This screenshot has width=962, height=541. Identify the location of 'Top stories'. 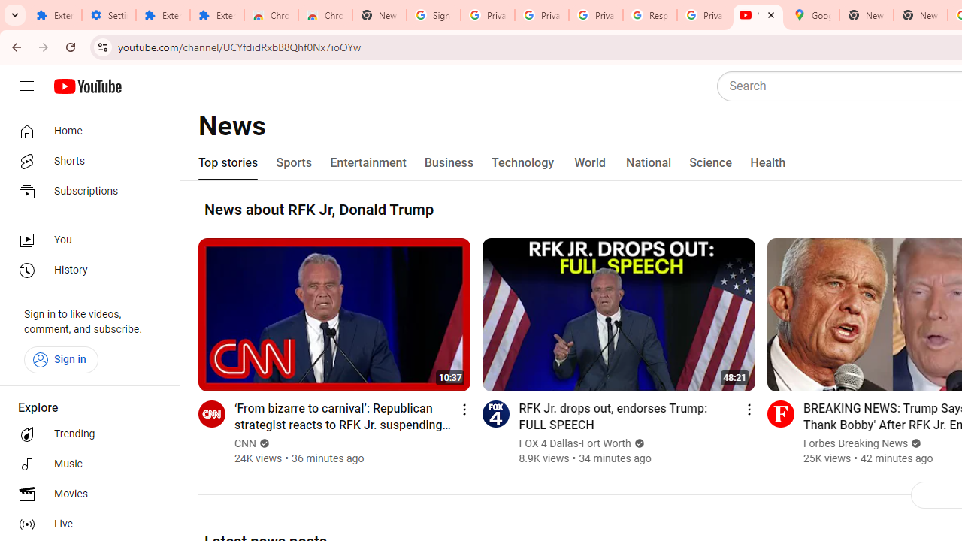
(228, 163).